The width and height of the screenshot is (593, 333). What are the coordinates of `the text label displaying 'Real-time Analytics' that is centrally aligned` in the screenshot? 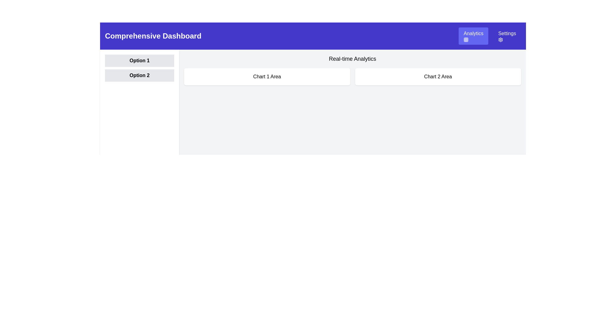 It's located at (352, 59).